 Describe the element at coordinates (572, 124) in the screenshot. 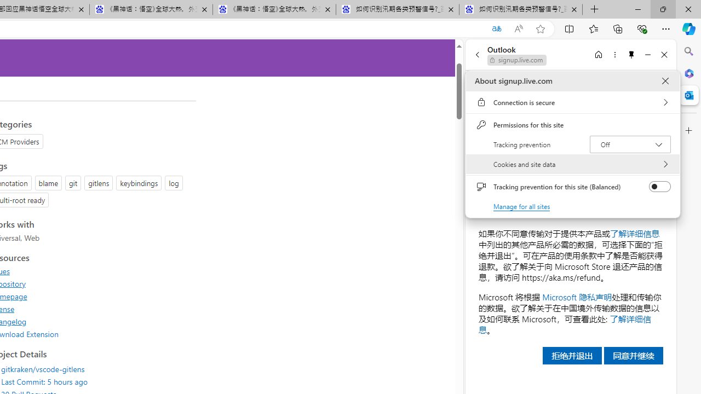

I see `'Permissions for this site'` at that location.